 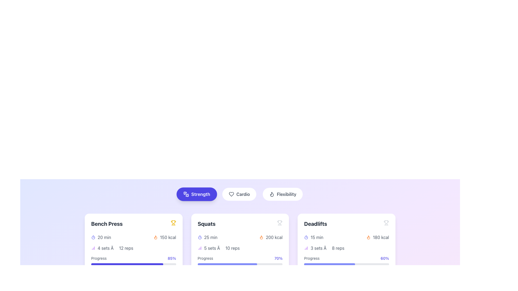 I want to click on purpose of the trophy icon located in the top-right corner of the 'Squats' card, so click(x=280, y=223).